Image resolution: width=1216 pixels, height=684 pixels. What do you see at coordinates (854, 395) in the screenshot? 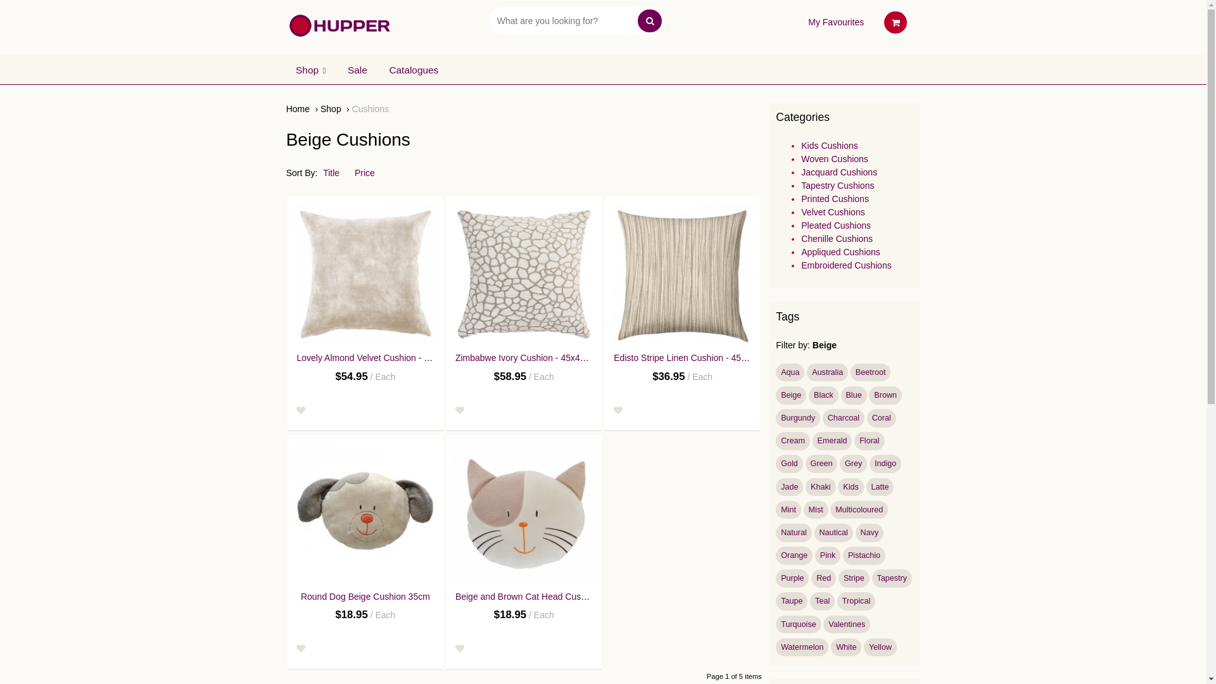
I see `'Blue'` at bounding box center [854, 395].